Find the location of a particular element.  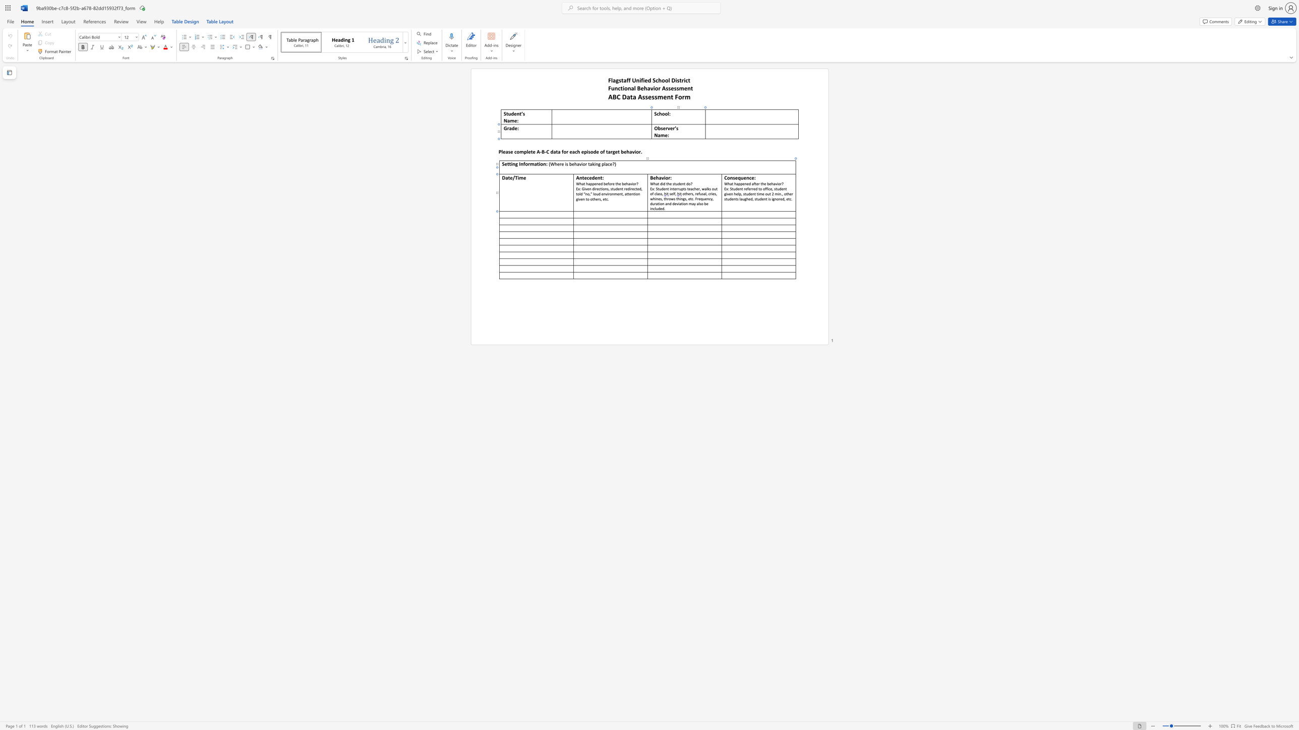

the 10th character "e" in the text is located at coordinates (763, 193).